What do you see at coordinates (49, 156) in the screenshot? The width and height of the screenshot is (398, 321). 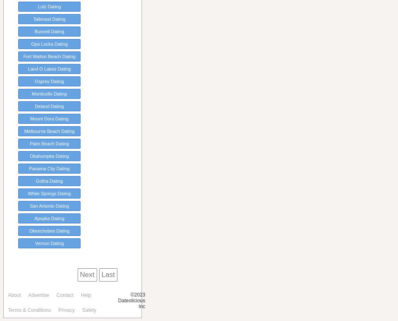 I see `'Okahumpka Dating'` at bounding box center [49, 156].